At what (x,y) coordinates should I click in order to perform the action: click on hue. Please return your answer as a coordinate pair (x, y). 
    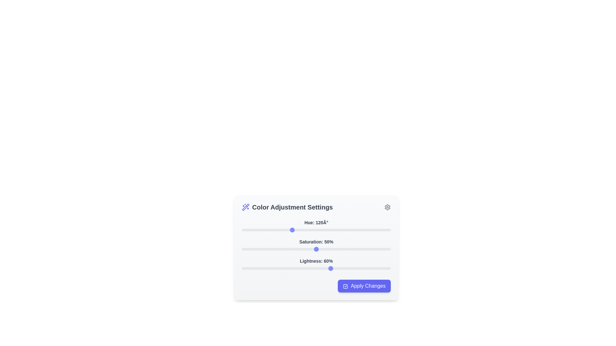
    Looking at the image, I should click on (279, 229).